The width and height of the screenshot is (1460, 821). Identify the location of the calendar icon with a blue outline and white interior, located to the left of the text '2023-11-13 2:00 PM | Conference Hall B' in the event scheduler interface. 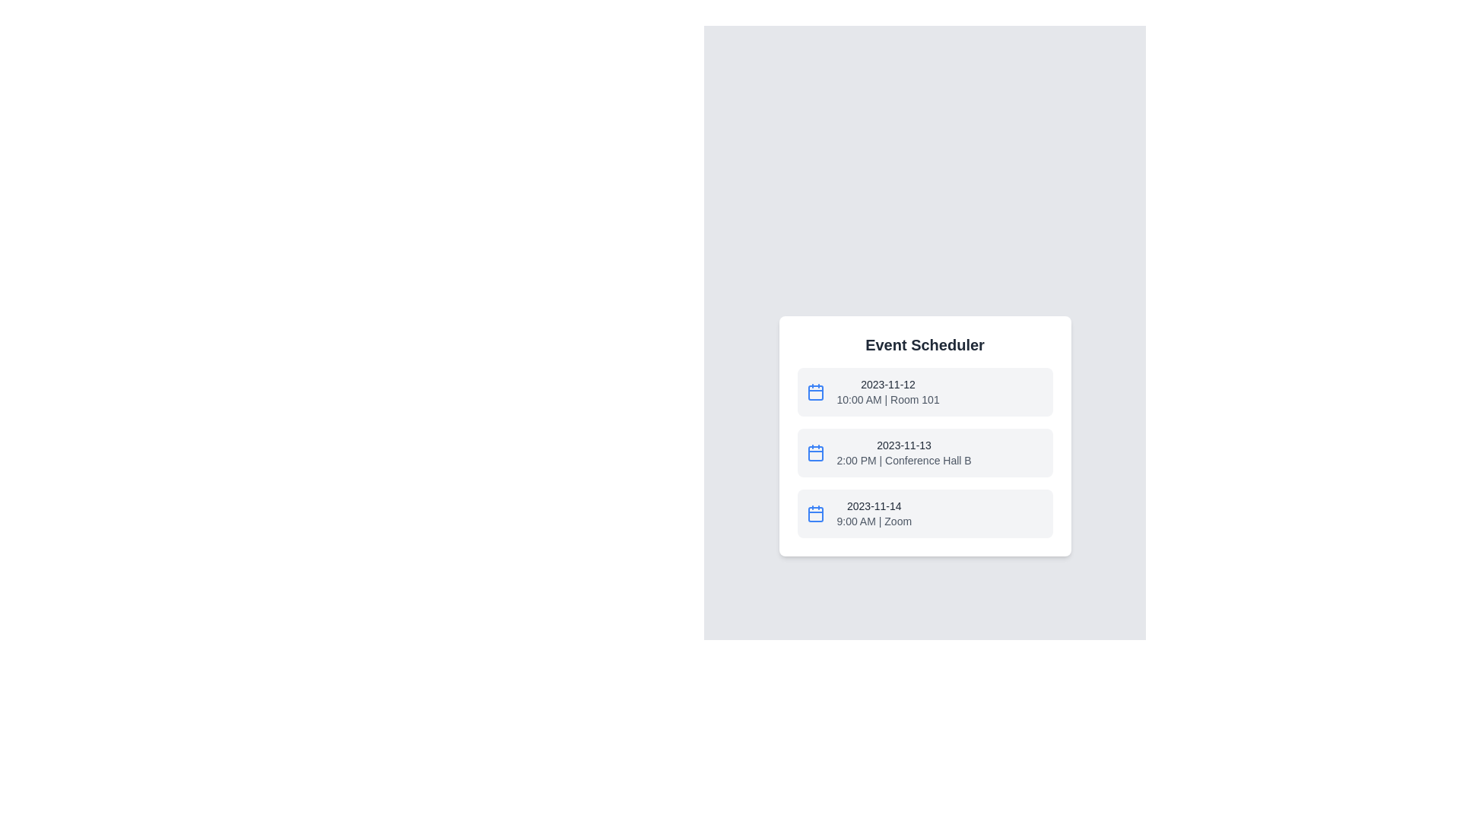
(814, 452).